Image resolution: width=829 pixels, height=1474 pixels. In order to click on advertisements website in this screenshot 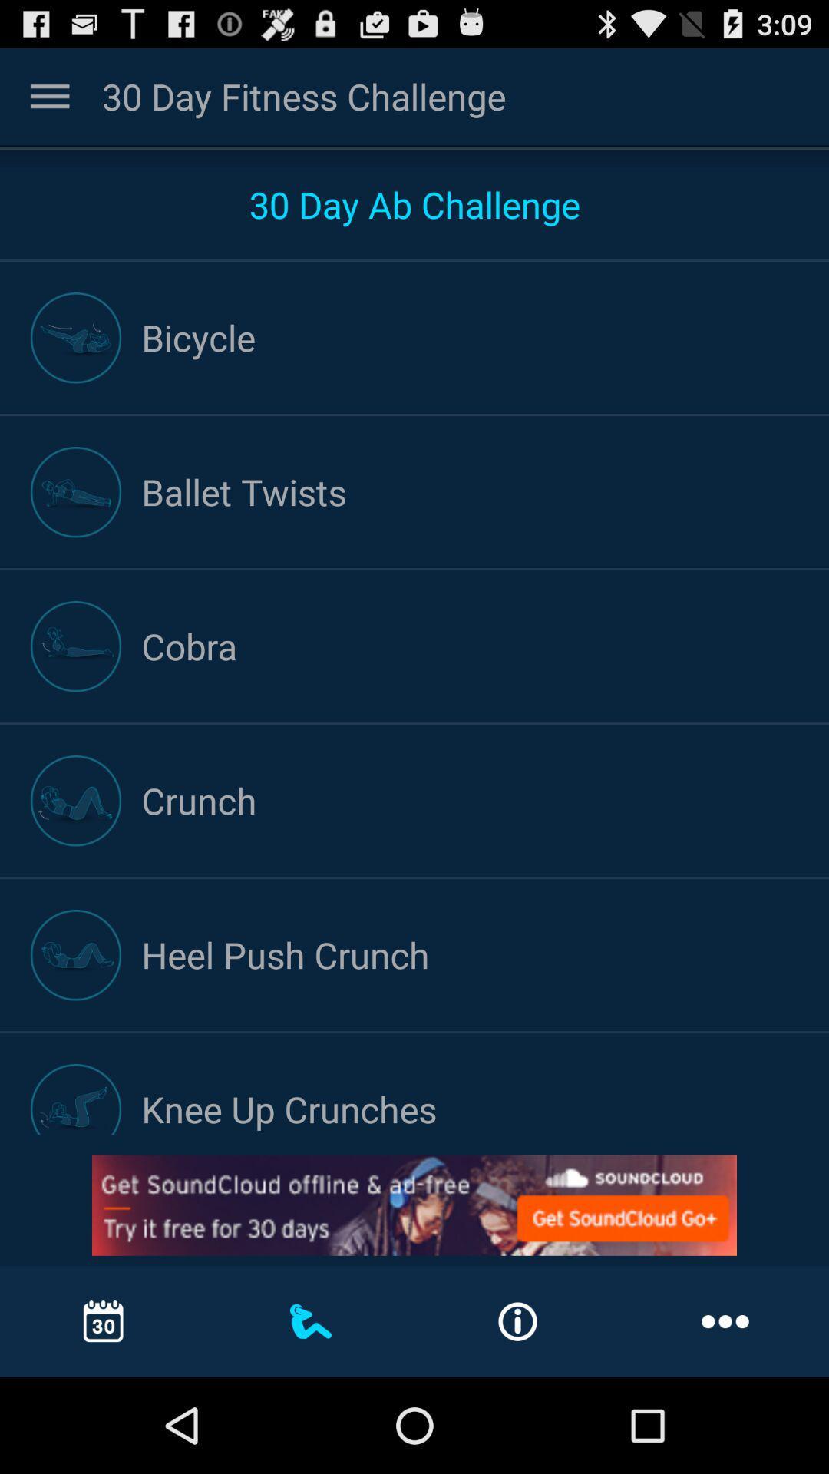, I will do `click(414, 1205)`.